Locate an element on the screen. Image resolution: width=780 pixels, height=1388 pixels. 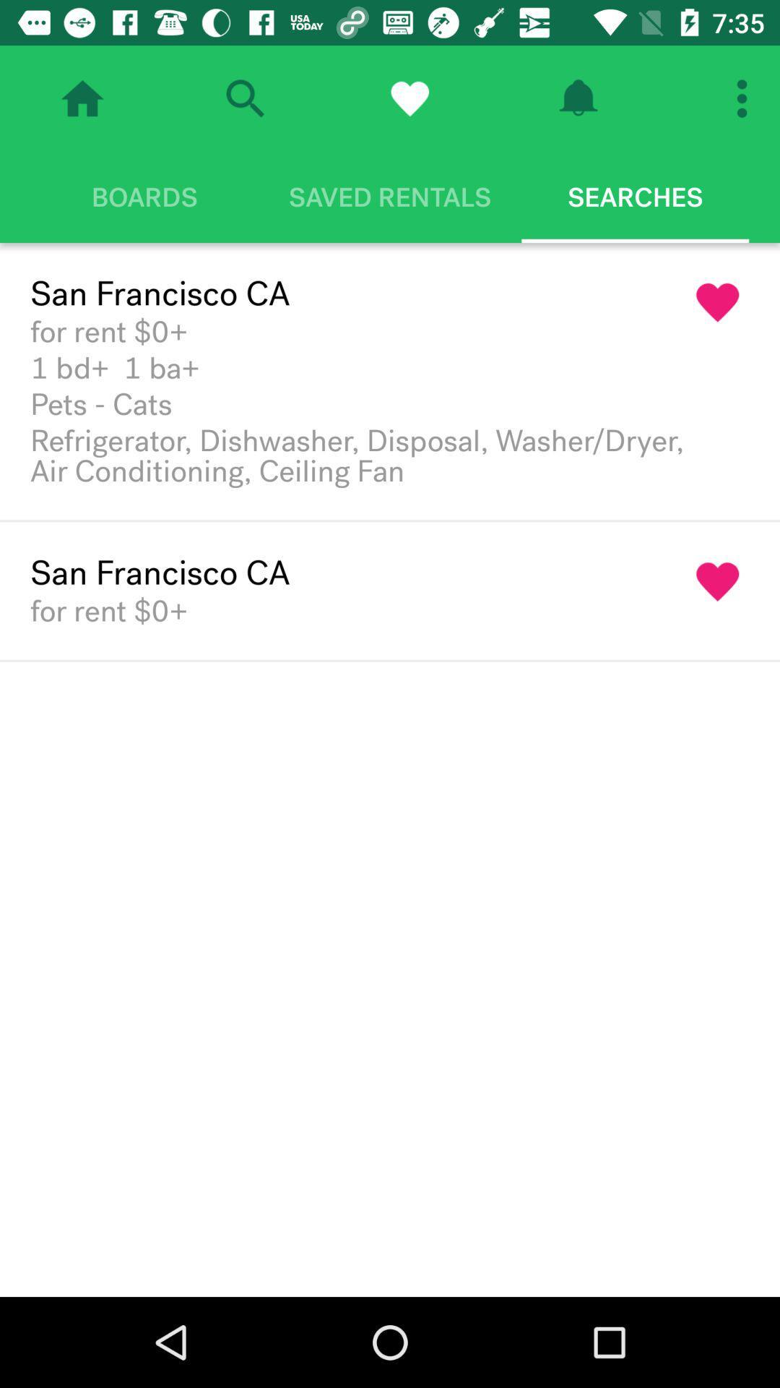
like heart the option is located at coordinates (718, 582).